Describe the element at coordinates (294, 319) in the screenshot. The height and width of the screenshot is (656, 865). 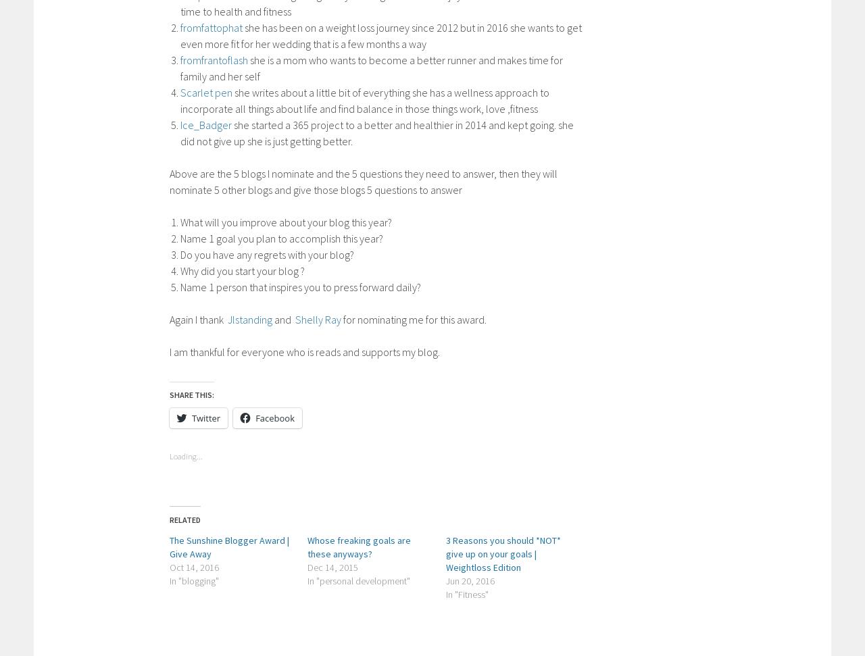
I see `'Shelly Ray'` at that location.